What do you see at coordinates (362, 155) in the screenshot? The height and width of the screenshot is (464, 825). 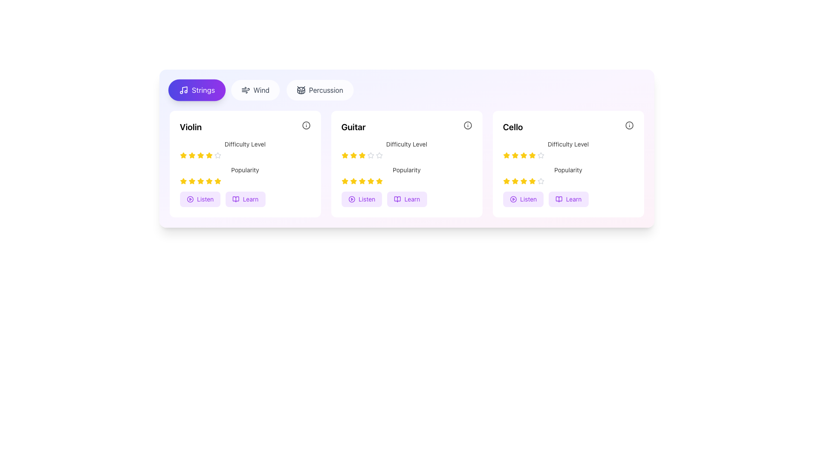 I see `the third star icon in the five-star rating system under the 'Difficulty Level' indicator in the 'Guitar' section` at bounding box center [362, 155].